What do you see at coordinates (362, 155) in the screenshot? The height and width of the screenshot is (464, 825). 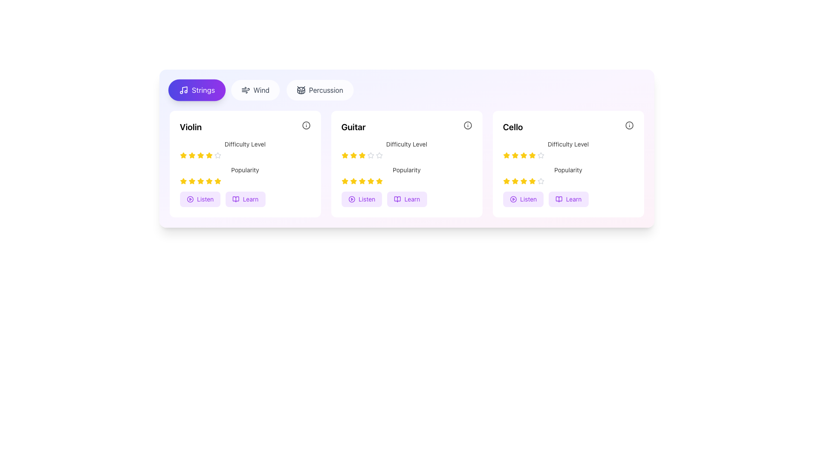 I see `the third star icon in the five-star rating system under the 'Difficulty Level' indicator in the 'Guitar' section` at bounding box center [362, 155].